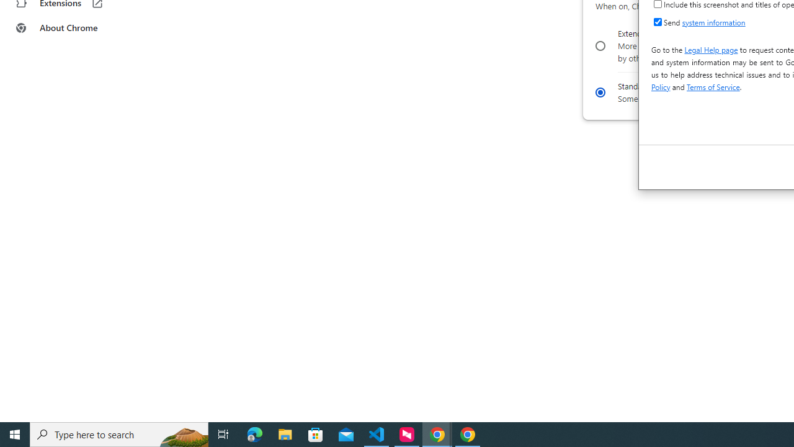 This screenshot has width=794, height=447. I want to click on 'Microsoft Store', so click(316, 433).